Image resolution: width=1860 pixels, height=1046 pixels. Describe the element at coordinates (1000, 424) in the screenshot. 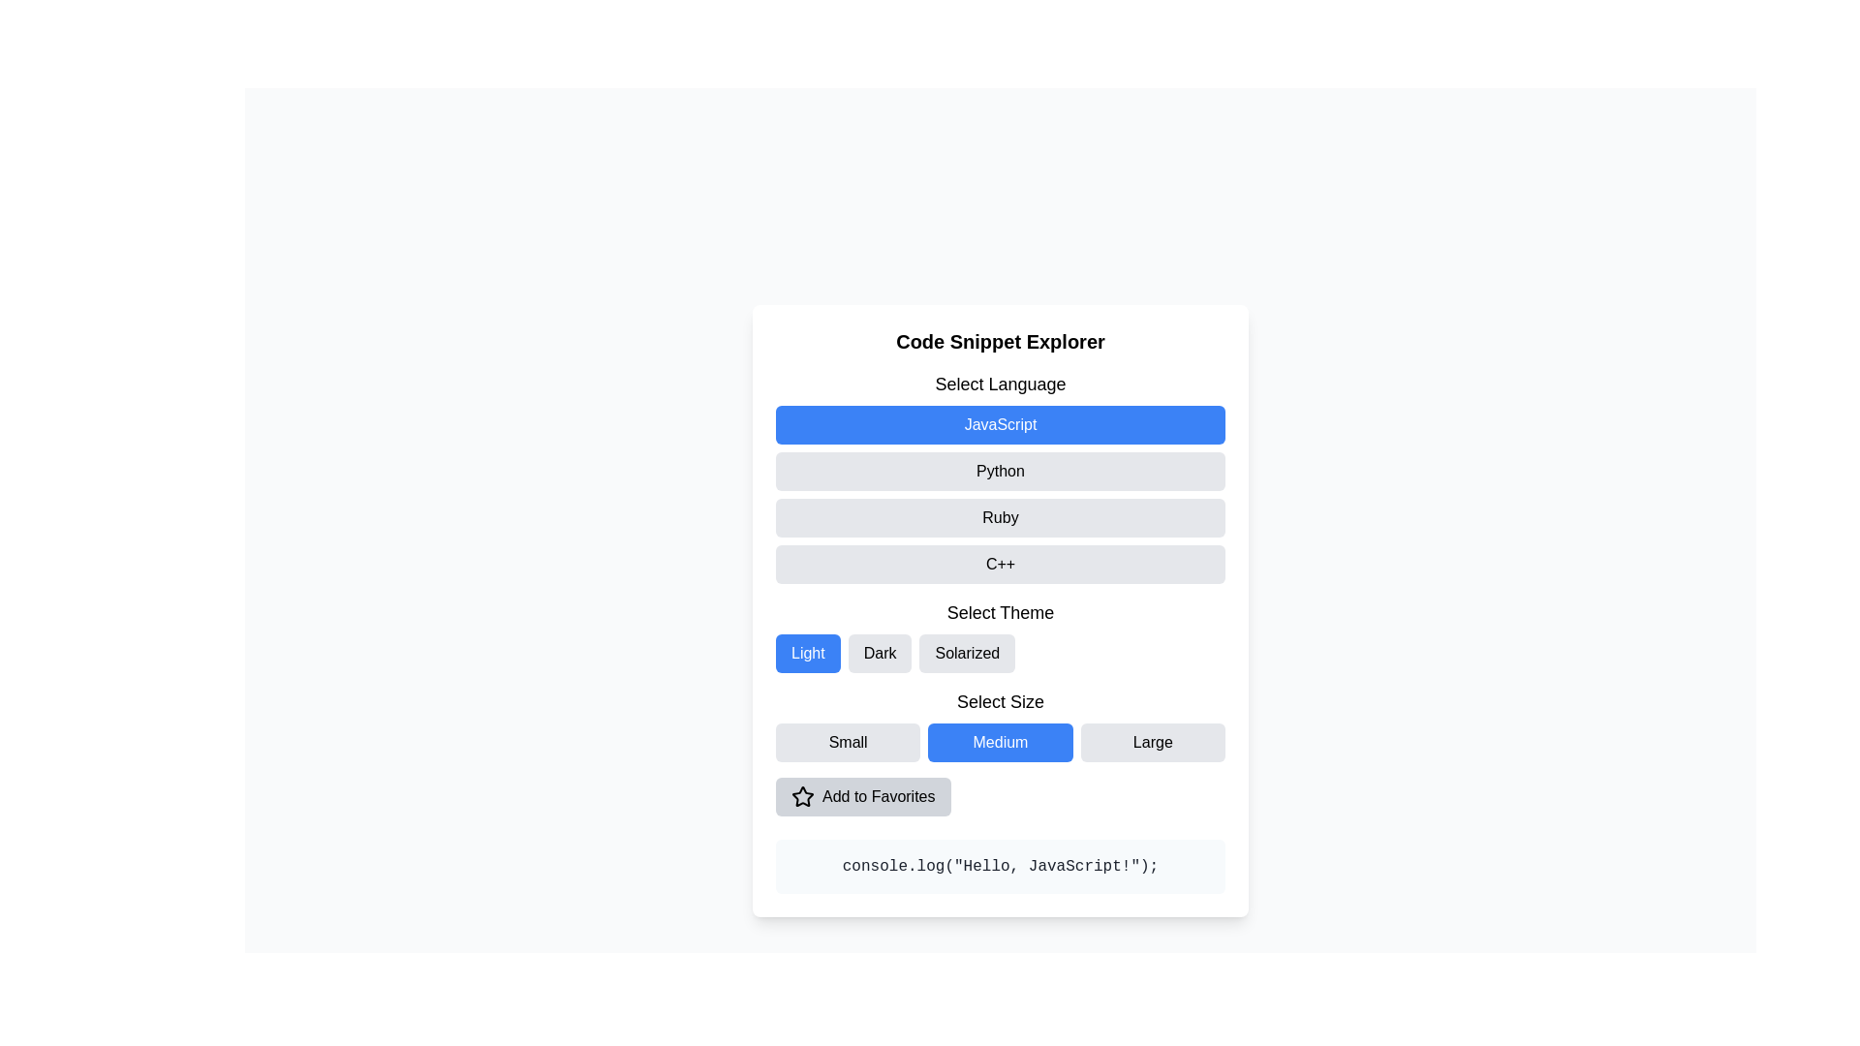

I see `the blue button labeled 'JavaScript'` at that location.